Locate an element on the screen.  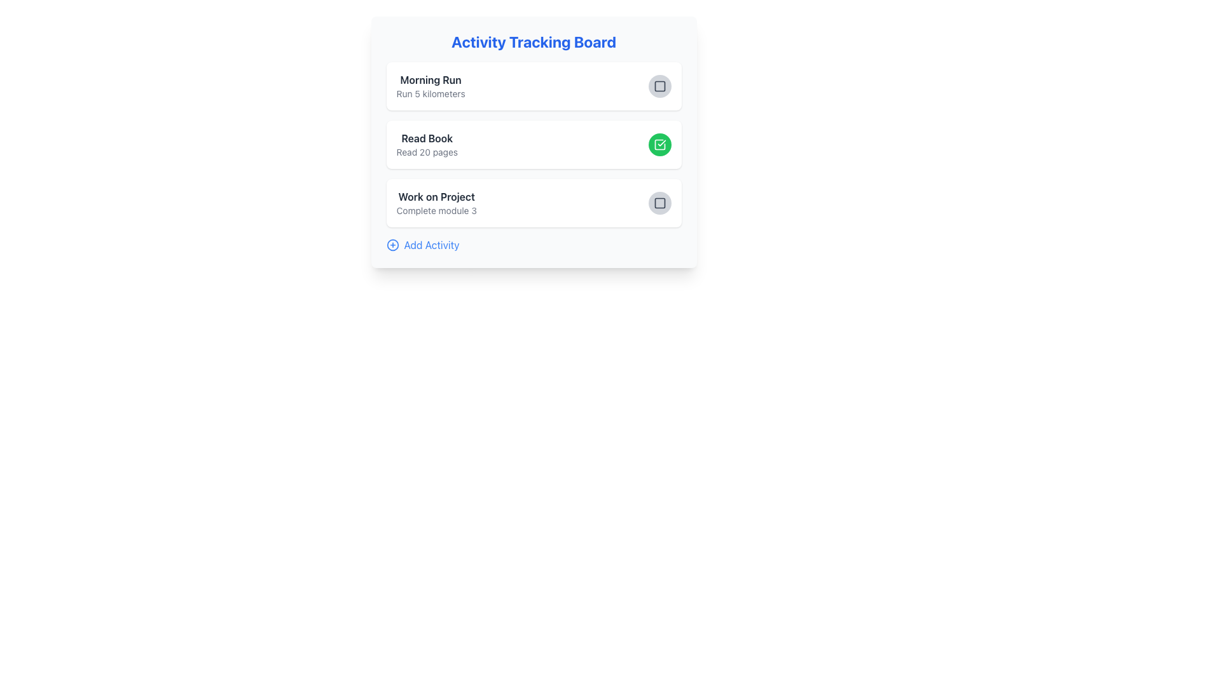
the 'Read Book' task card is located at coordinates (534, 144).